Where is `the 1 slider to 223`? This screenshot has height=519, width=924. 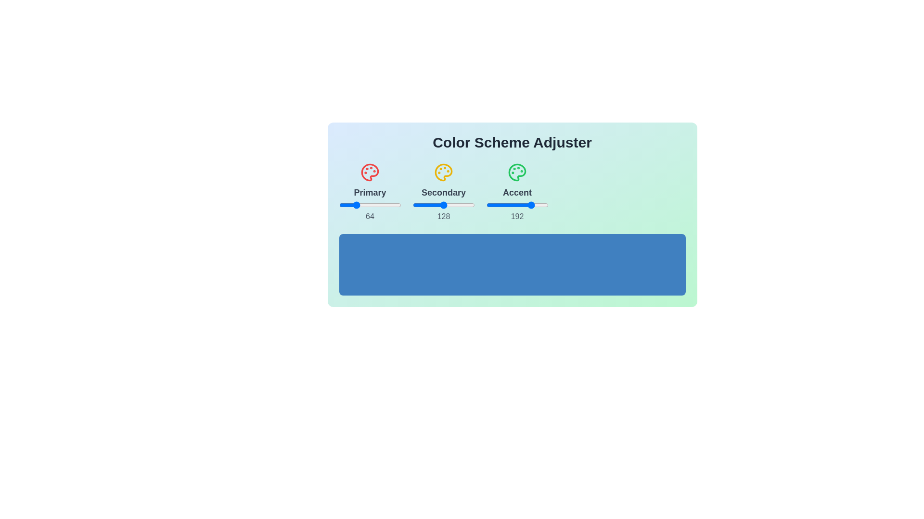 the 1 slider to 223 is located at coordinates (498, 205).